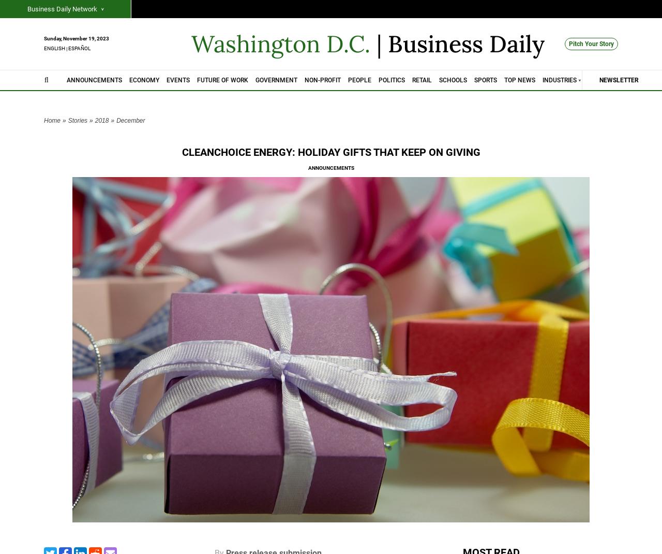 The image size is (662, 554). What do you see at coordinates (191, 43) in the screenshot?
I see `'Washington D.C.'` at bounding box center [191, 43].